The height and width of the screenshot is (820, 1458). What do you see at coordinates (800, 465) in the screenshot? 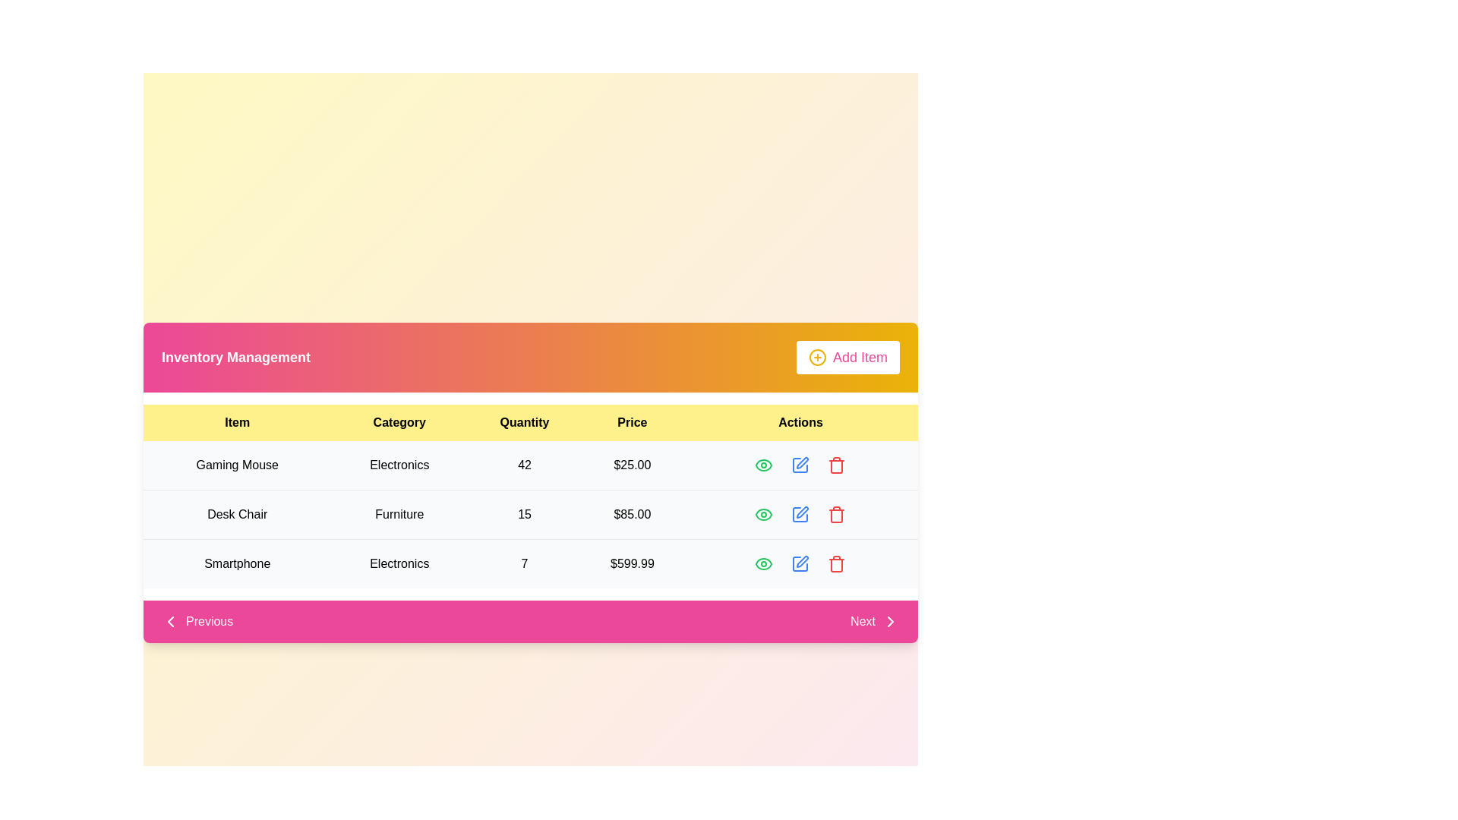
I see `the edit button, which is the second interactive icon in the 'Actions' column of the first row in the table` at bounding box center [800, 465].